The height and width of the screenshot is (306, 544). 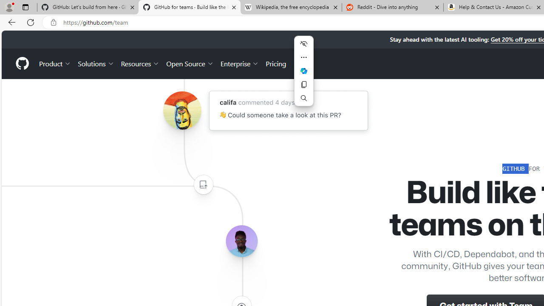 I want to click on 'Pricing', so click(x=276, y=63).